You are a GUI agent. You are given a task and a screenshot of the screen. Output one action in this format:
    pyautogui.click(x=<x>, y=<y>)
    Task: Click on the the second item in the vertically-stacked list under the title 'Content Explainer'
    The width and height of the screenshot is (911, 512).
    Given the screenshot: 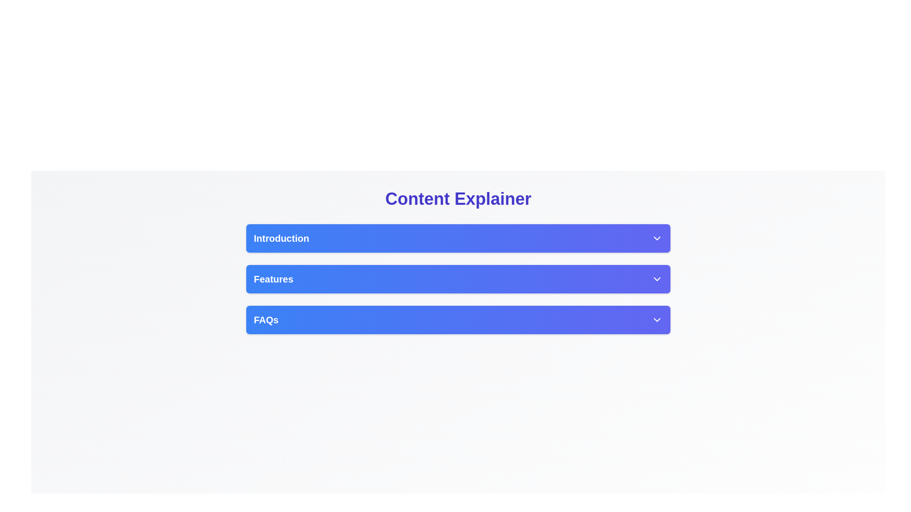 What is the action you would take?
    pyautogui.click(x=458, y=279)
    